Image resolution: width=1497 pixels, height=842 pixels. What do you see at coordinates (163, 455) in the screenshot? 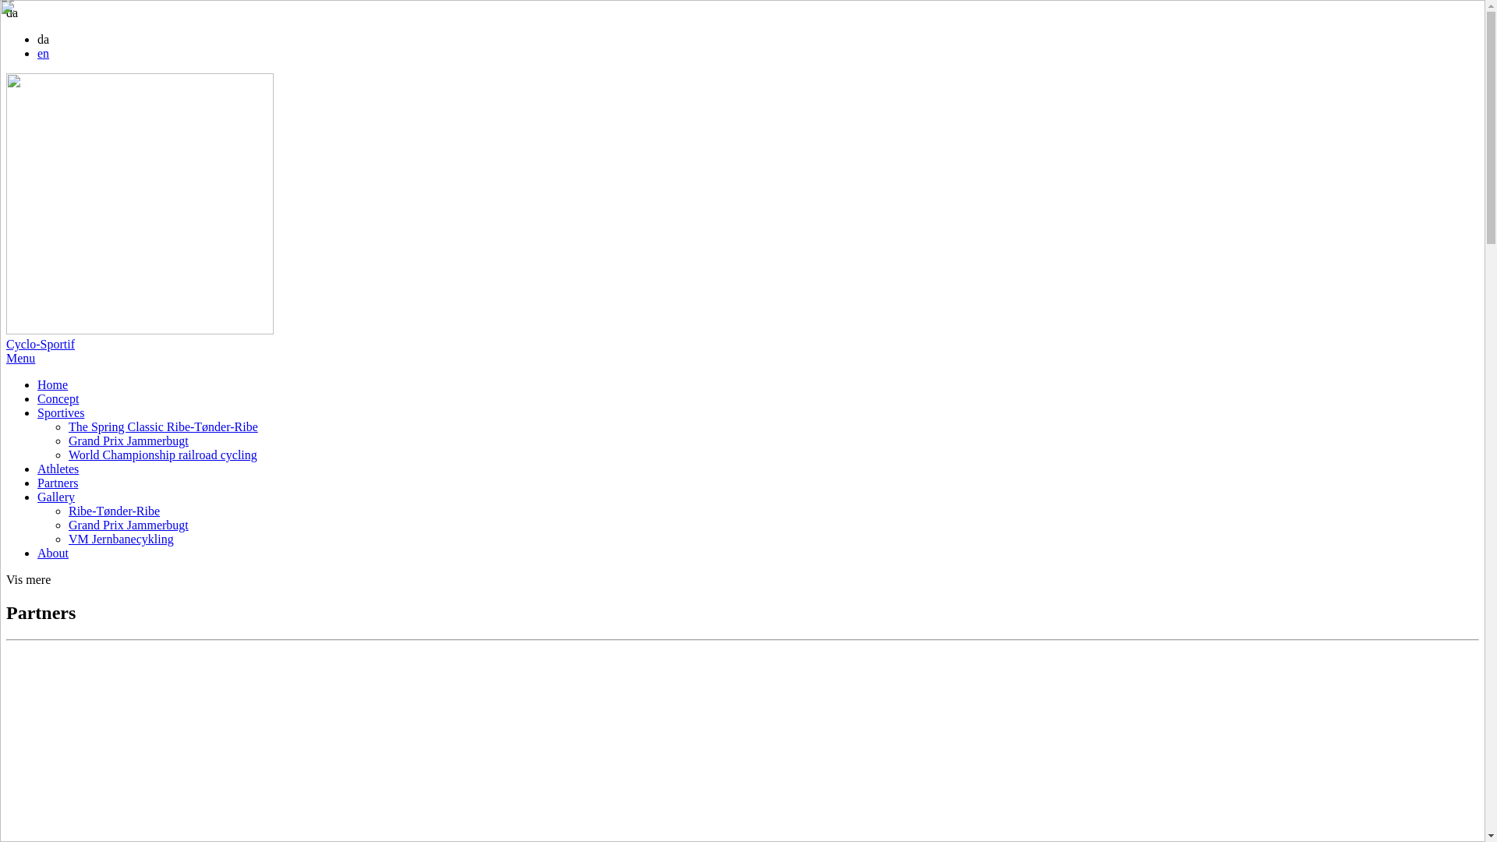
I see `'World Championship railroad cycling'` at bounding box center [163, 455].